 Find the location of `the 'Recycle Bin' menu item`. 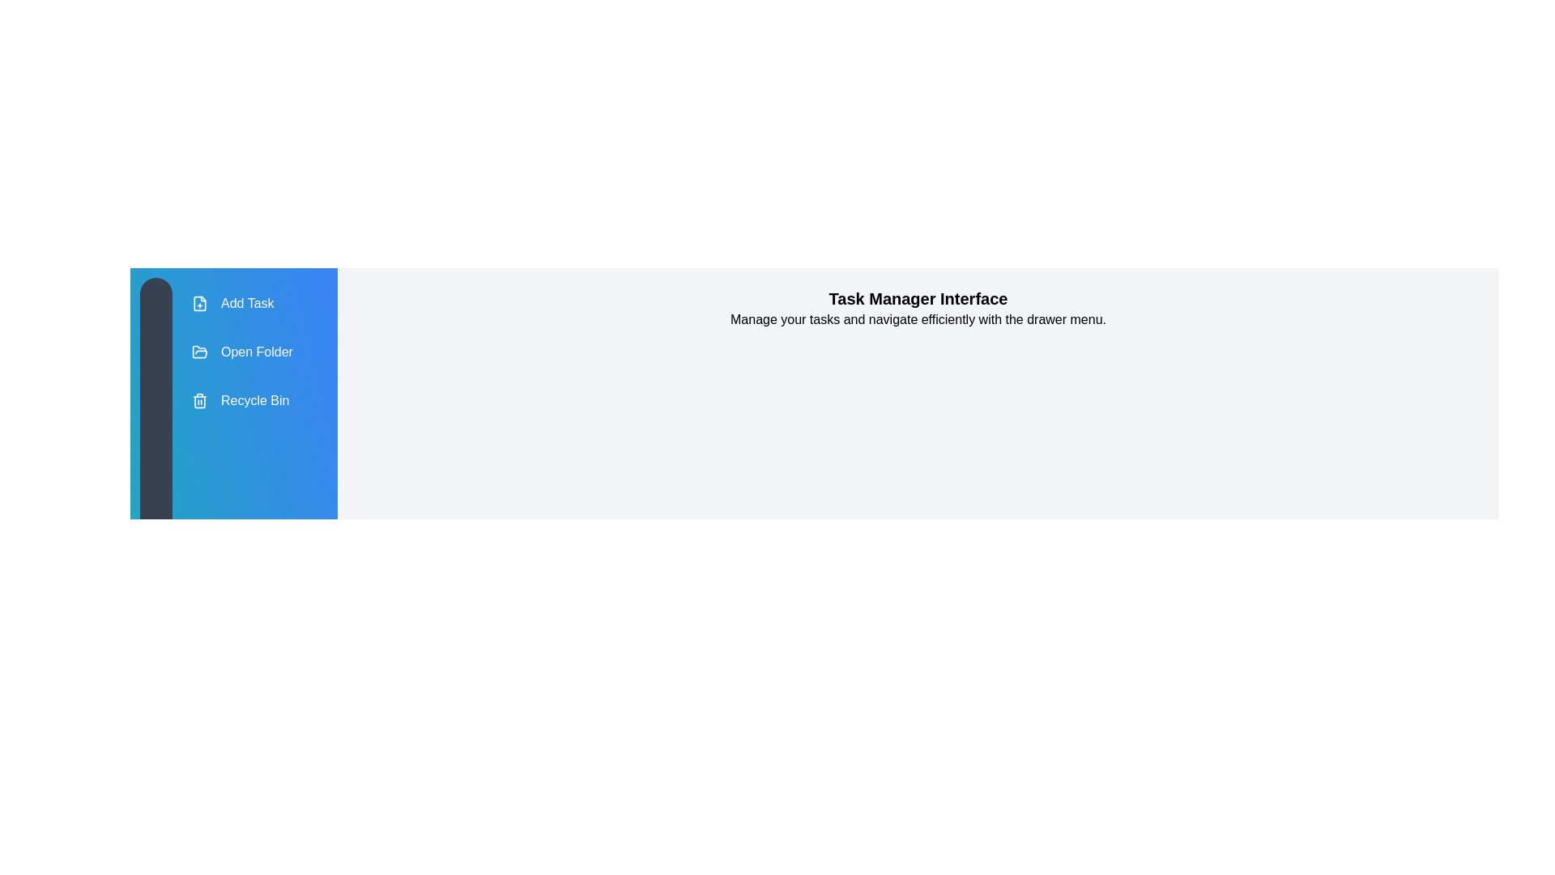

the 'Recycle Bin' menu item is located at coordinates (241, 400).